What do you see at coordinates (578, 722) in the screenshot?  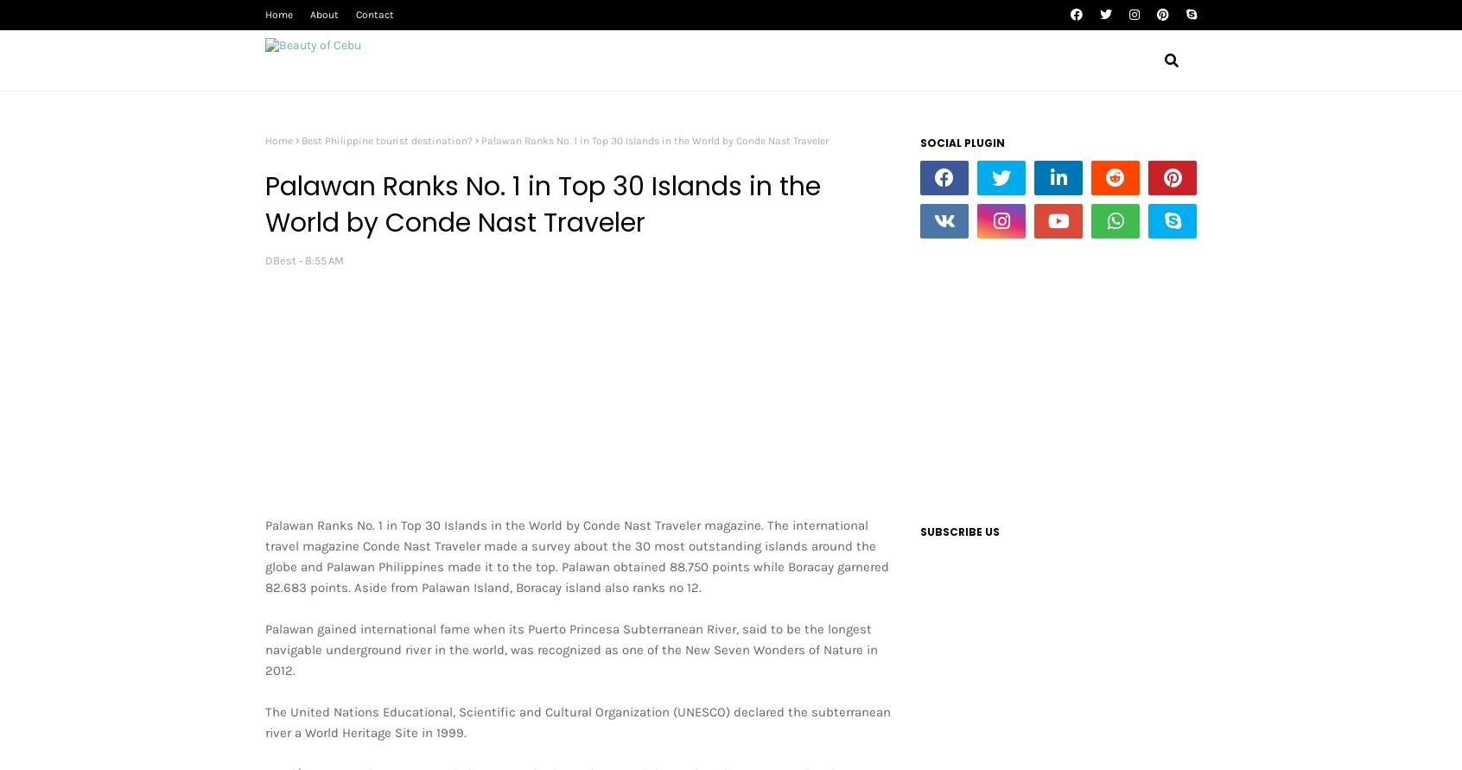 I see `'The United Nations Educational, Scientific and Cultural Organization (UNESCO) declared the subterranean river a World Heritage Site in 1999.'` at bounding box center [578, 722].